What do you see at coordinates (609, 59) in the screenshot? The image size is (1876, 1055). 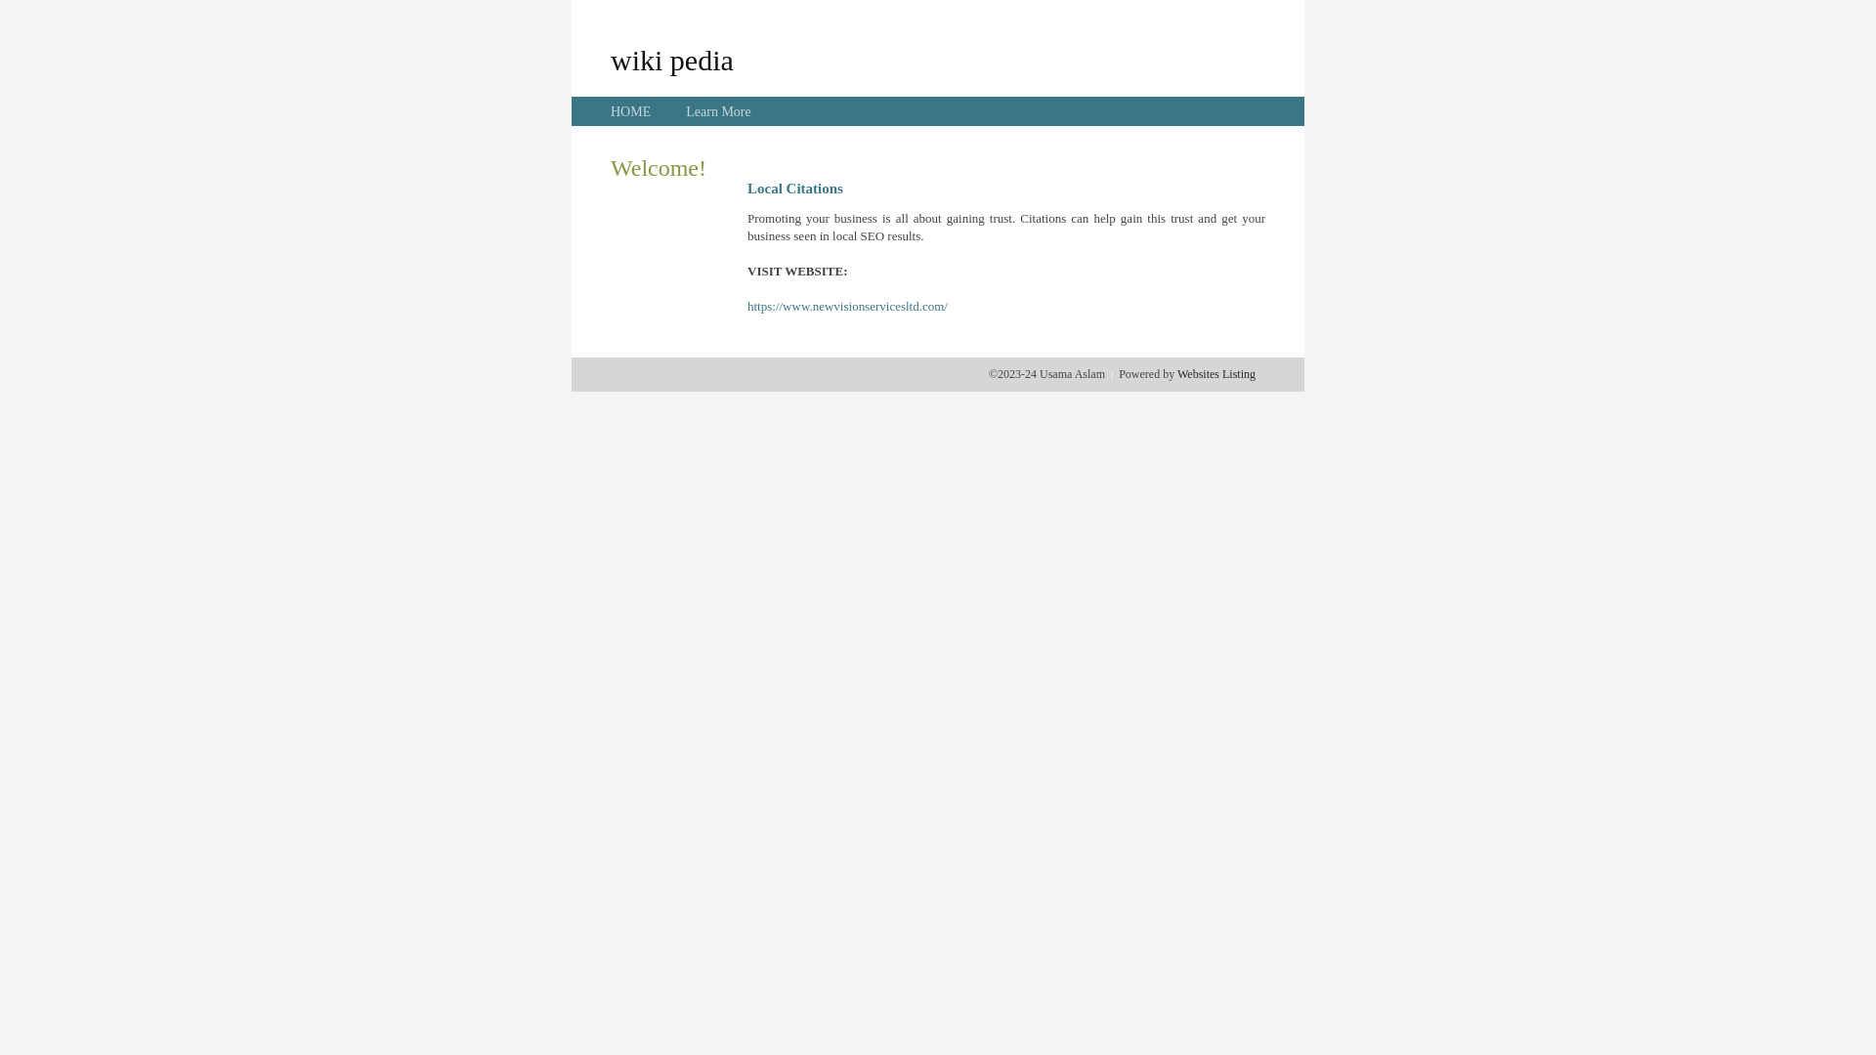 I see `'wiki pedia'` at bounding box center [609, 59].